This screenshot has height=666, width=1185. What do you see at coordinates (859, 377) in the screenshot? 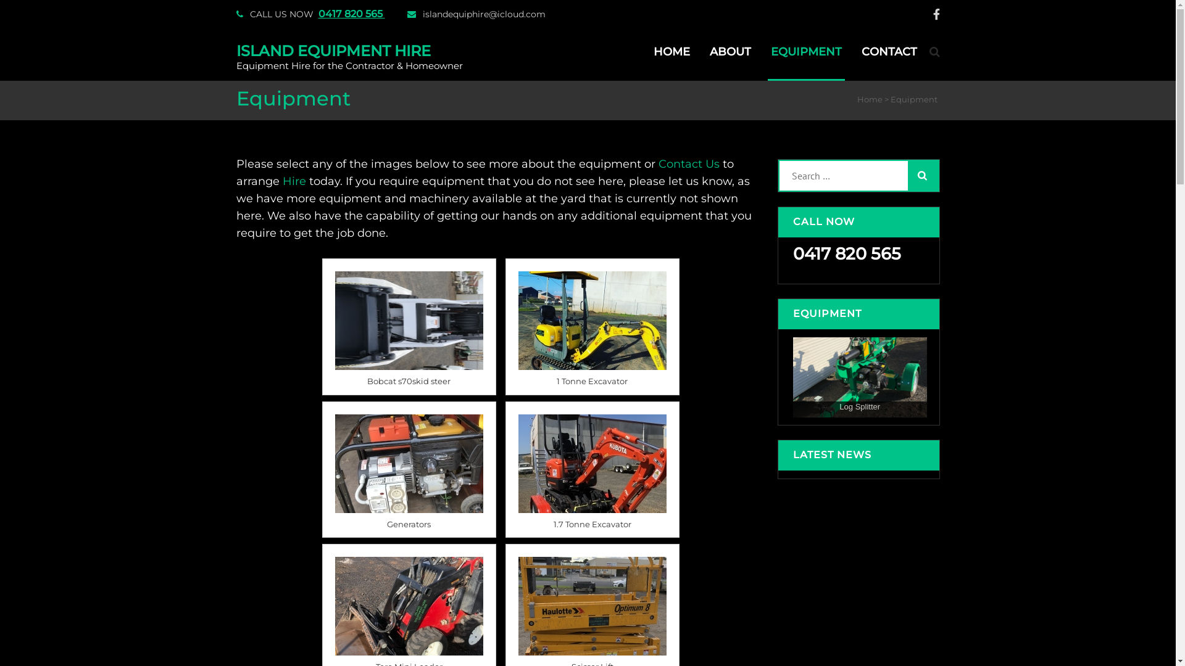
I see `'Log Splitter'` at bounding box center [859, 377].